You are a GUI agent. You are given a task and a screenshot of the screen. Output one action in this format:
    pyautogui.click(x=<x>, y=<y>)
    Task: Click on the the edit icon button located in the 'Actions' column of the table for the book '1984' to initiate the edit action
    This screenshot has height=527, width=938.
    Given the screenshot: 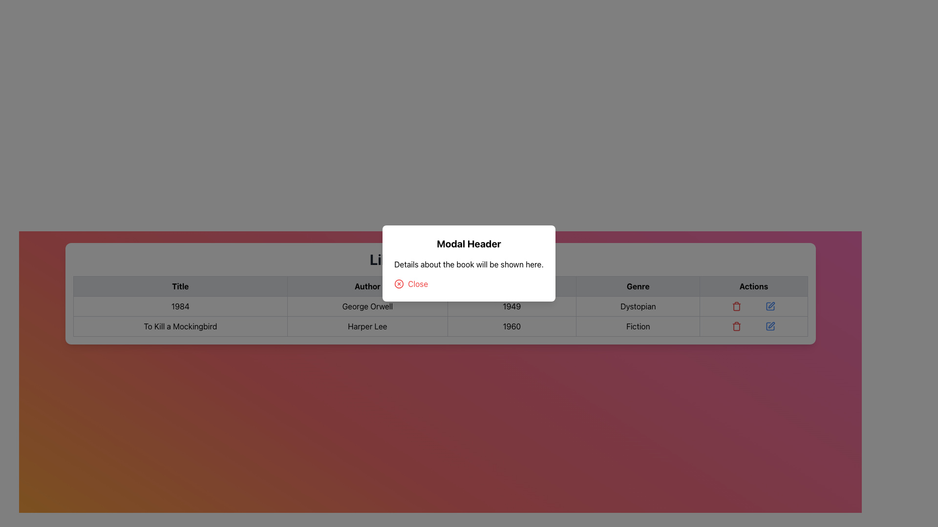 What is the action you would take?
    pyautogui.click(x=770, y=306)
    